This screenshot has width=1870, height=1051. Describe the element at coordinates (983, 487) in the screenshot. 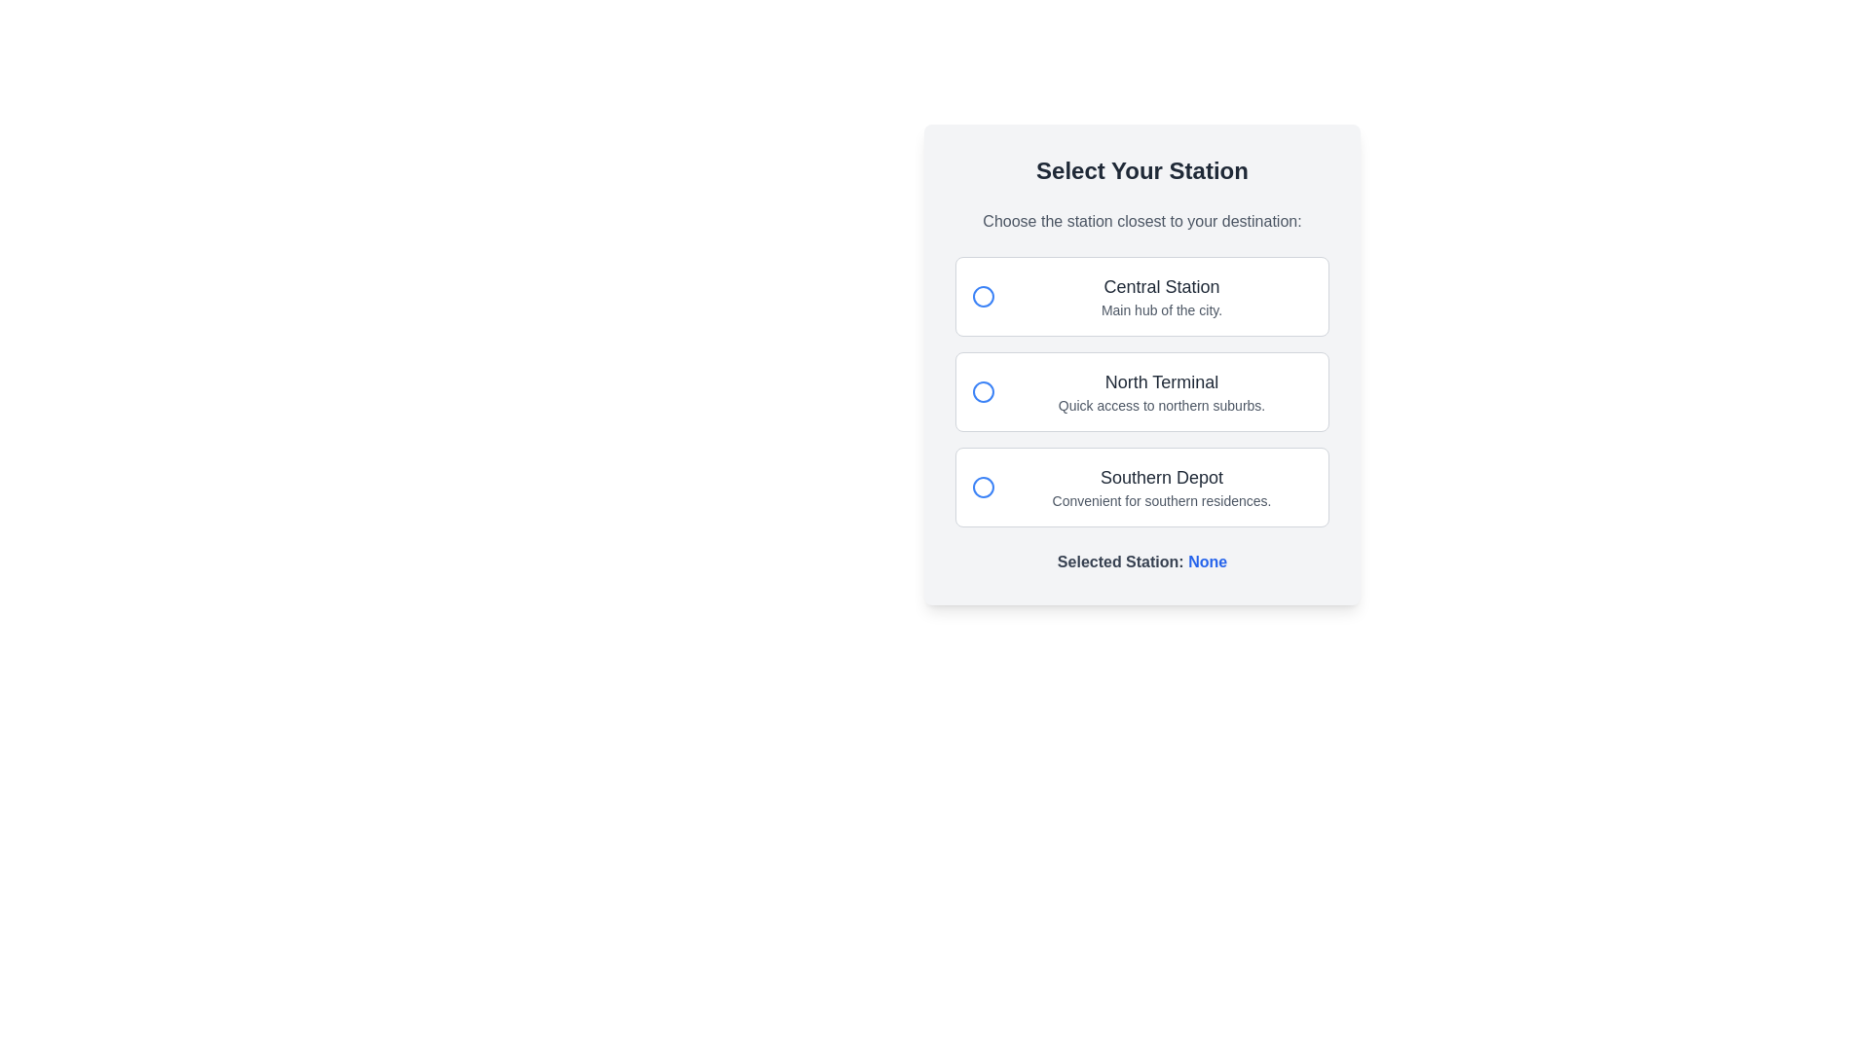

I see `the third circular radio button labeled 'Southern Depot'` at that location.